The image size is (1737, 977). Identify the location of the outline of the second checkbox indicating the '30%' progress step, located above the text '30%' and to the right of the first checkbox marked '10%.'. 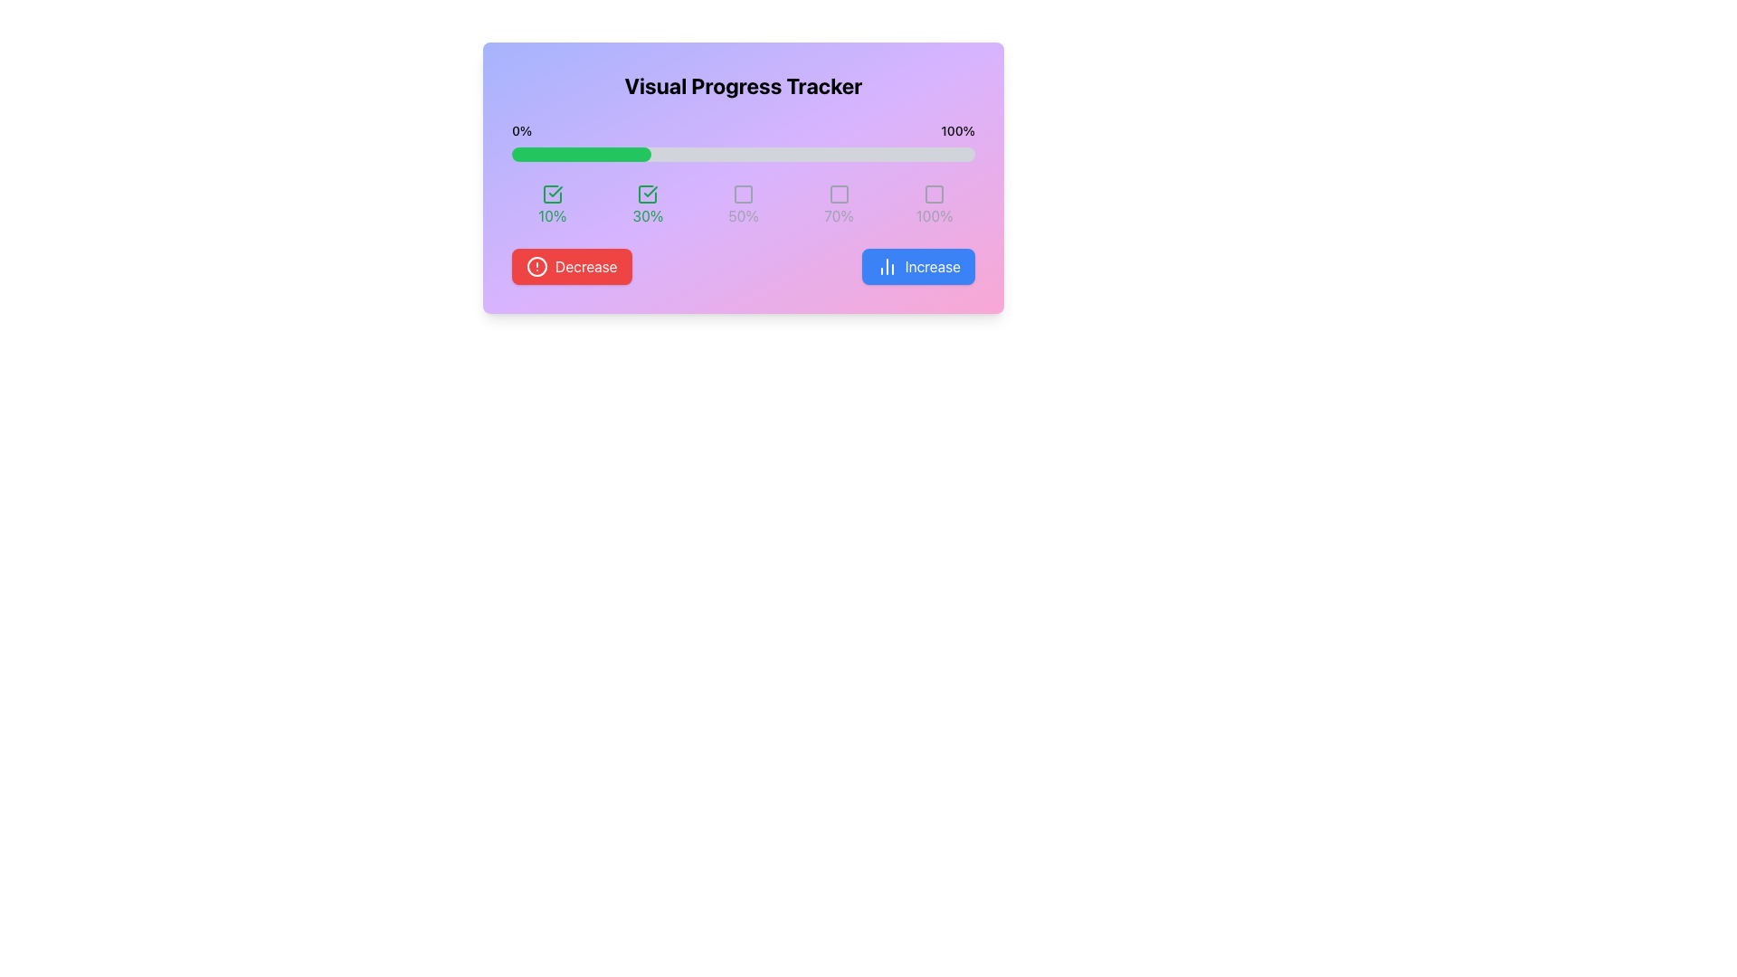
(648, 194).